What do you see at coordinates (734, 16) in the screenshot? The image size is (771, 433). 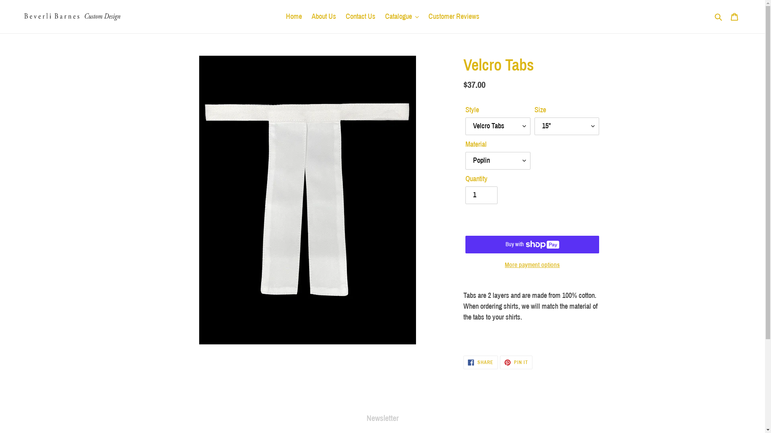 I see `'Cart'` at bounding box center [734, 16].